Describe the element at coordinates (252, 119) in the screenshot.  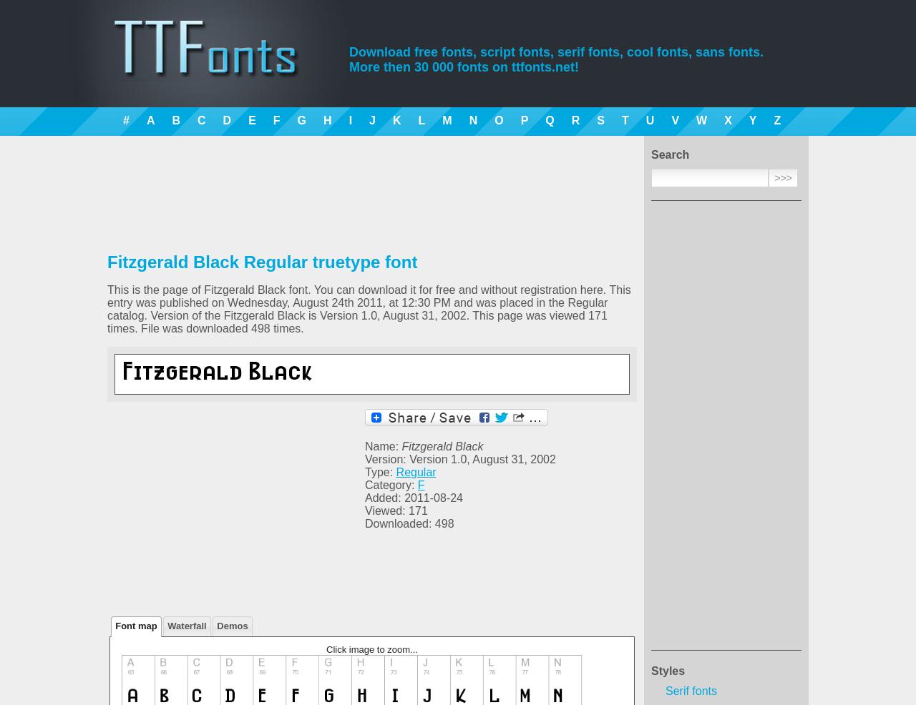
I see `'E'` at that location.